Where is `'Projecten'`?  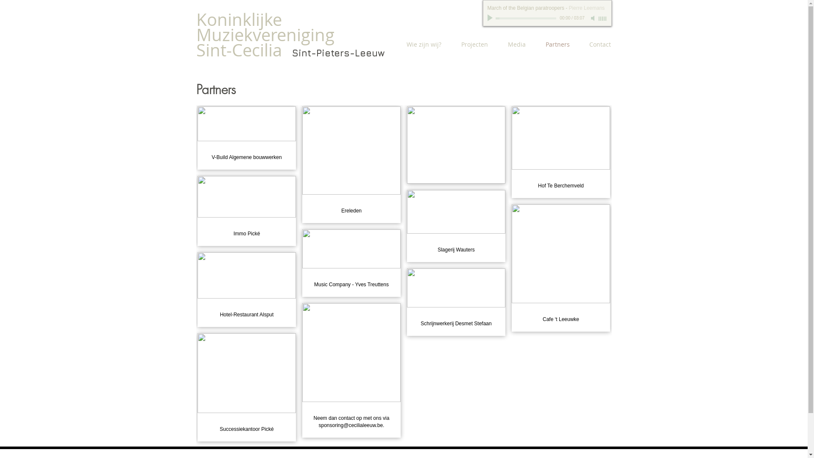
'Projecten' is located at coordinates (447, 44).